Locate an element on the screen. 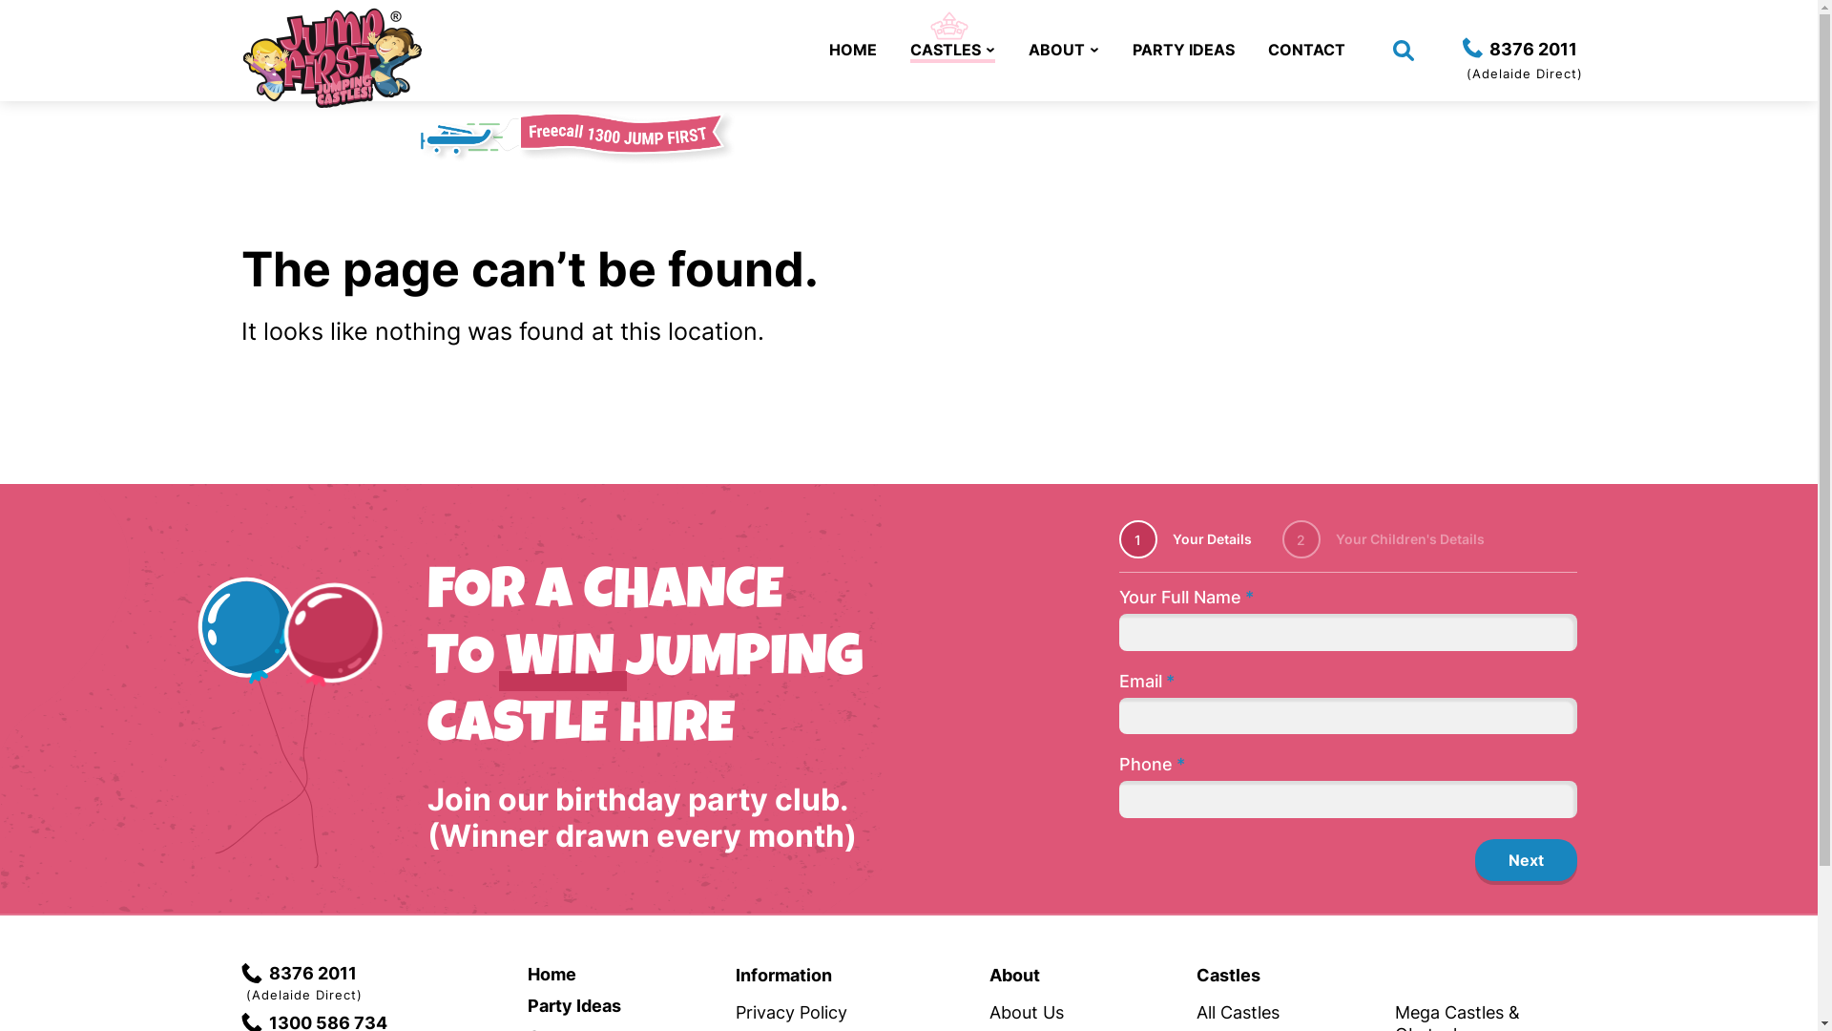 The image size is (1832, 1031). 'CONTACT' is located at coordinates (1304, 48).